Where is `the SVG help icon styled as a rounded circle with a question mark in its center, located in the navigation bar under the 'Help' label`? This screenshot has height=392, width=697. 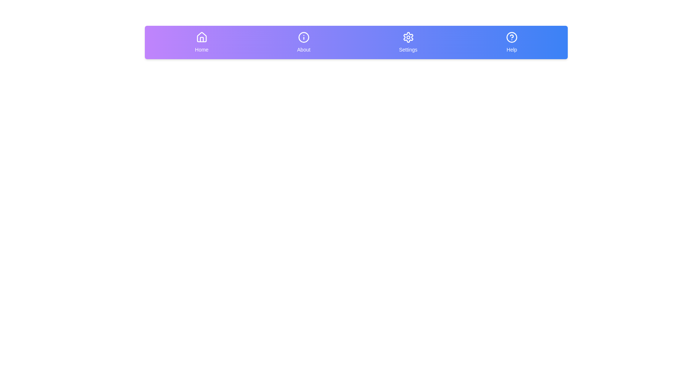 the SVG help icon styled as a rounded circle with a question mark in its center, located in the navigation bar under the 'Help' label is located at coordinates (511, 37).